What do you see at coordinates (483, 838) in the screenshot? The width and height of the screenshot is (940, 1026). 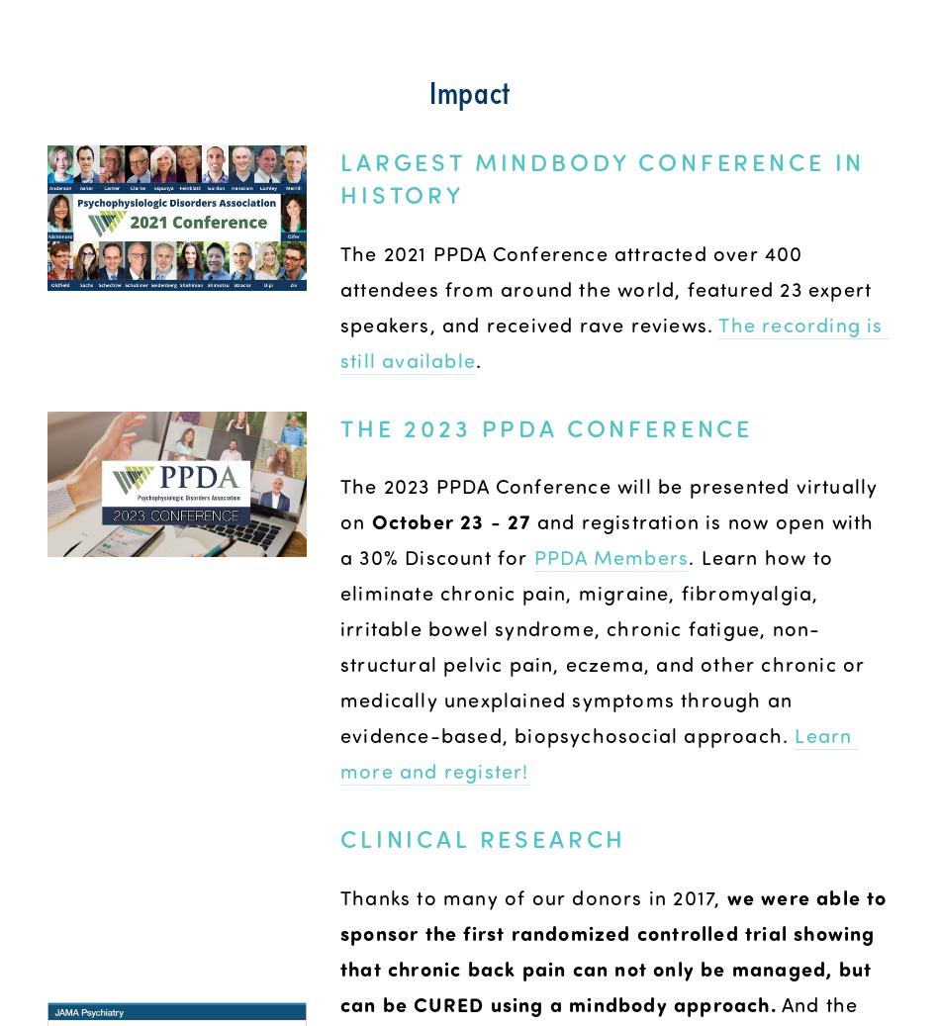 I see `'clinical Research'` at bounding box center [483, 838].